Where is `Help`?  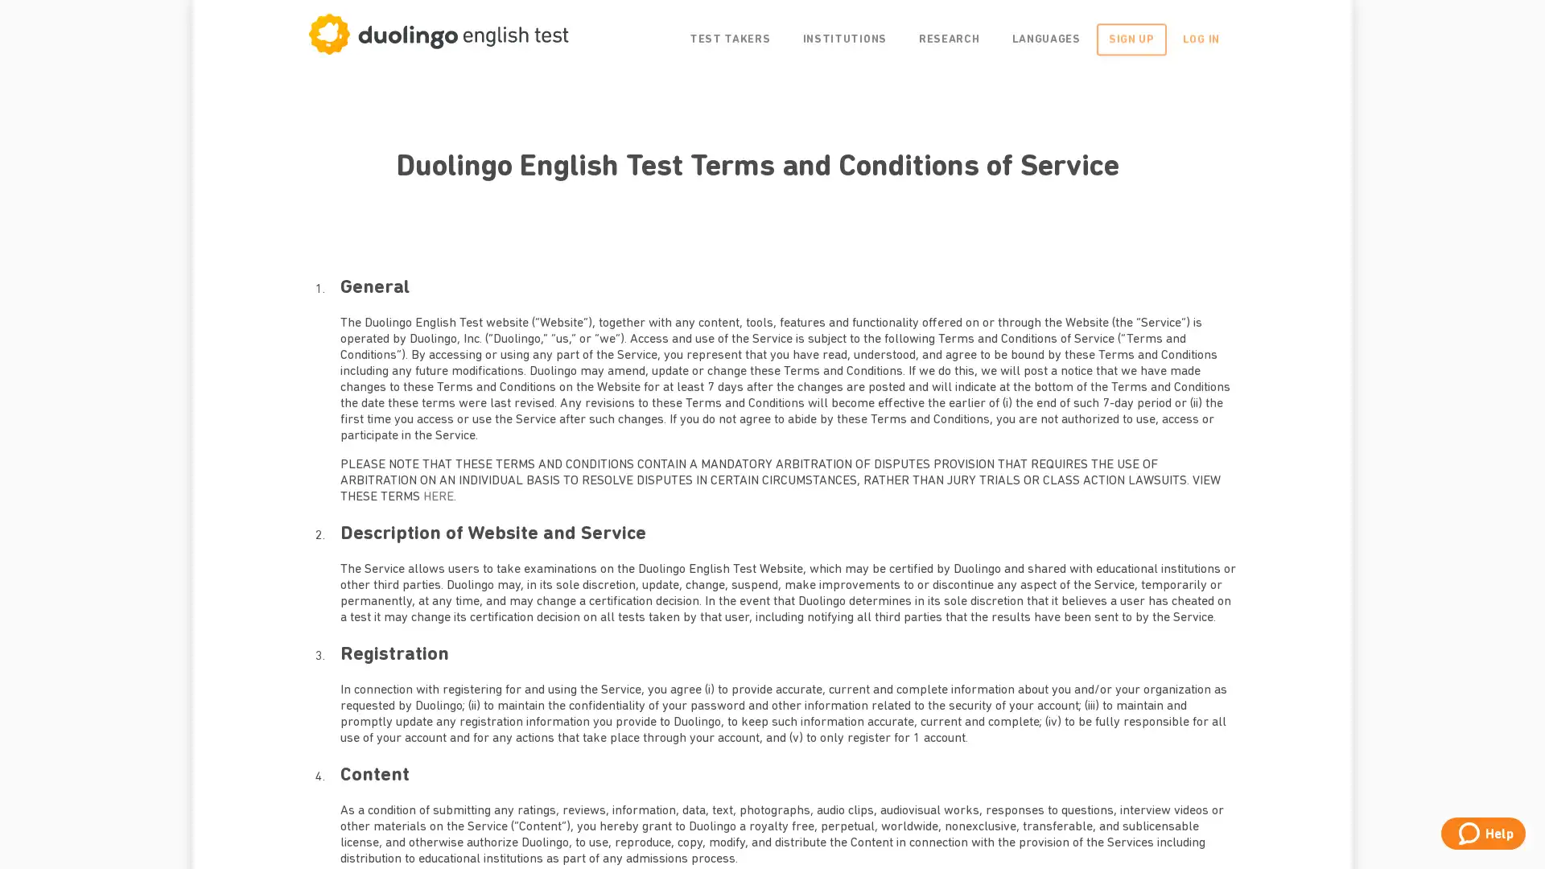 Help is located at coordinates (1482, 833).